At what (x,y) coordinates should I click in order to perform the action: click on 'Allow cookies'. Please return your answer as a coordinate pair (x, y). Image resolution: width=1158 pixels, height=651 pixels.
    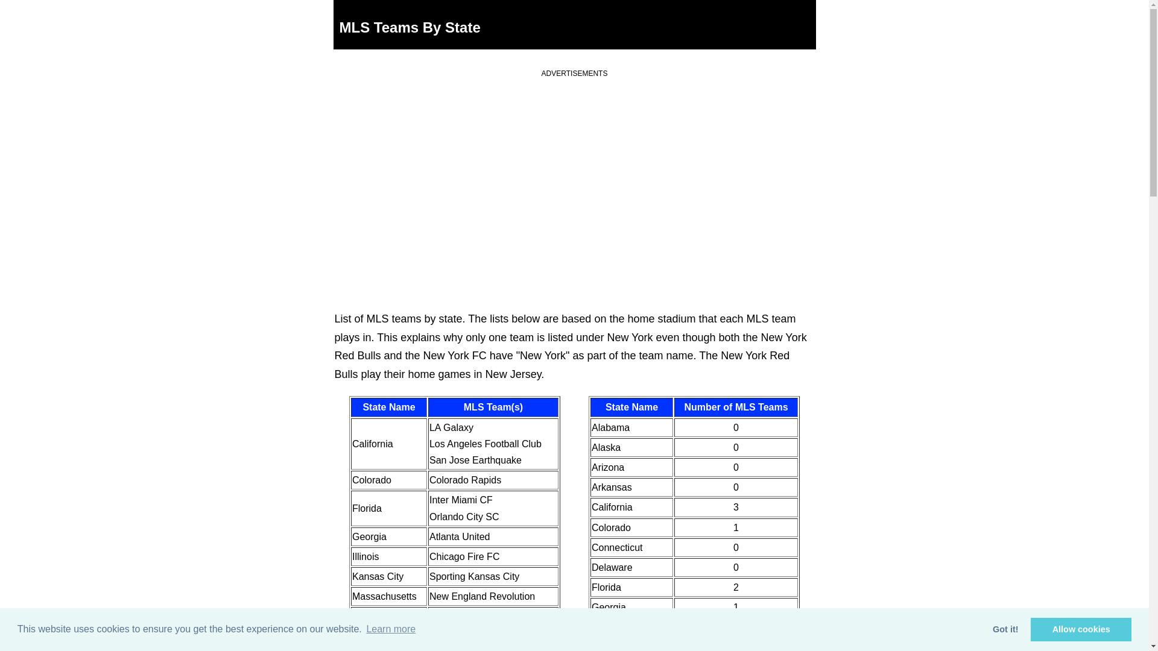
    Looking at the image, I should click on (1081, 629).